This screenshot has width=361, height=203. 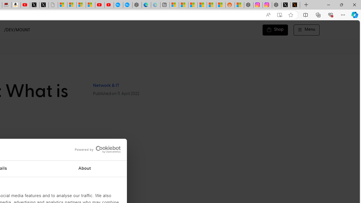 I want to click on 'About', so click(x=84, y=169).